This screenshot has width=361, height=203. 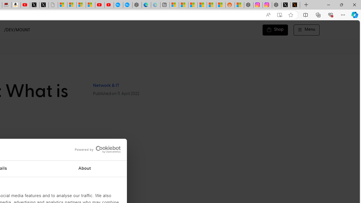 I want to click on 'About', so click(x=84, y=169).